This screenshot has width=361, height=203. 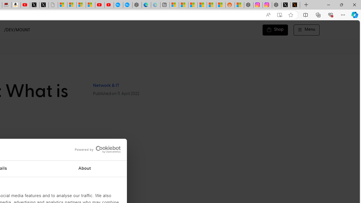 I want to click on 'About', so click(x=84, y=169).